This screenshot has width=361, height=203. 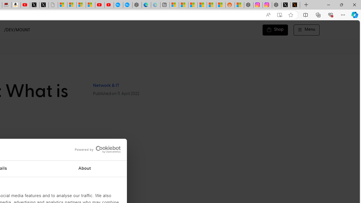 I want to click on 'About', so click(x=84, y=169).